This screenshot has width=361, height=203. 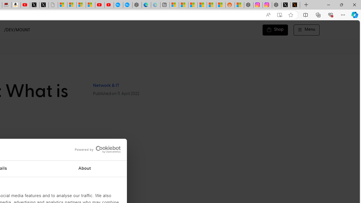 I want to click on 'About', so click(x=84, y=169).